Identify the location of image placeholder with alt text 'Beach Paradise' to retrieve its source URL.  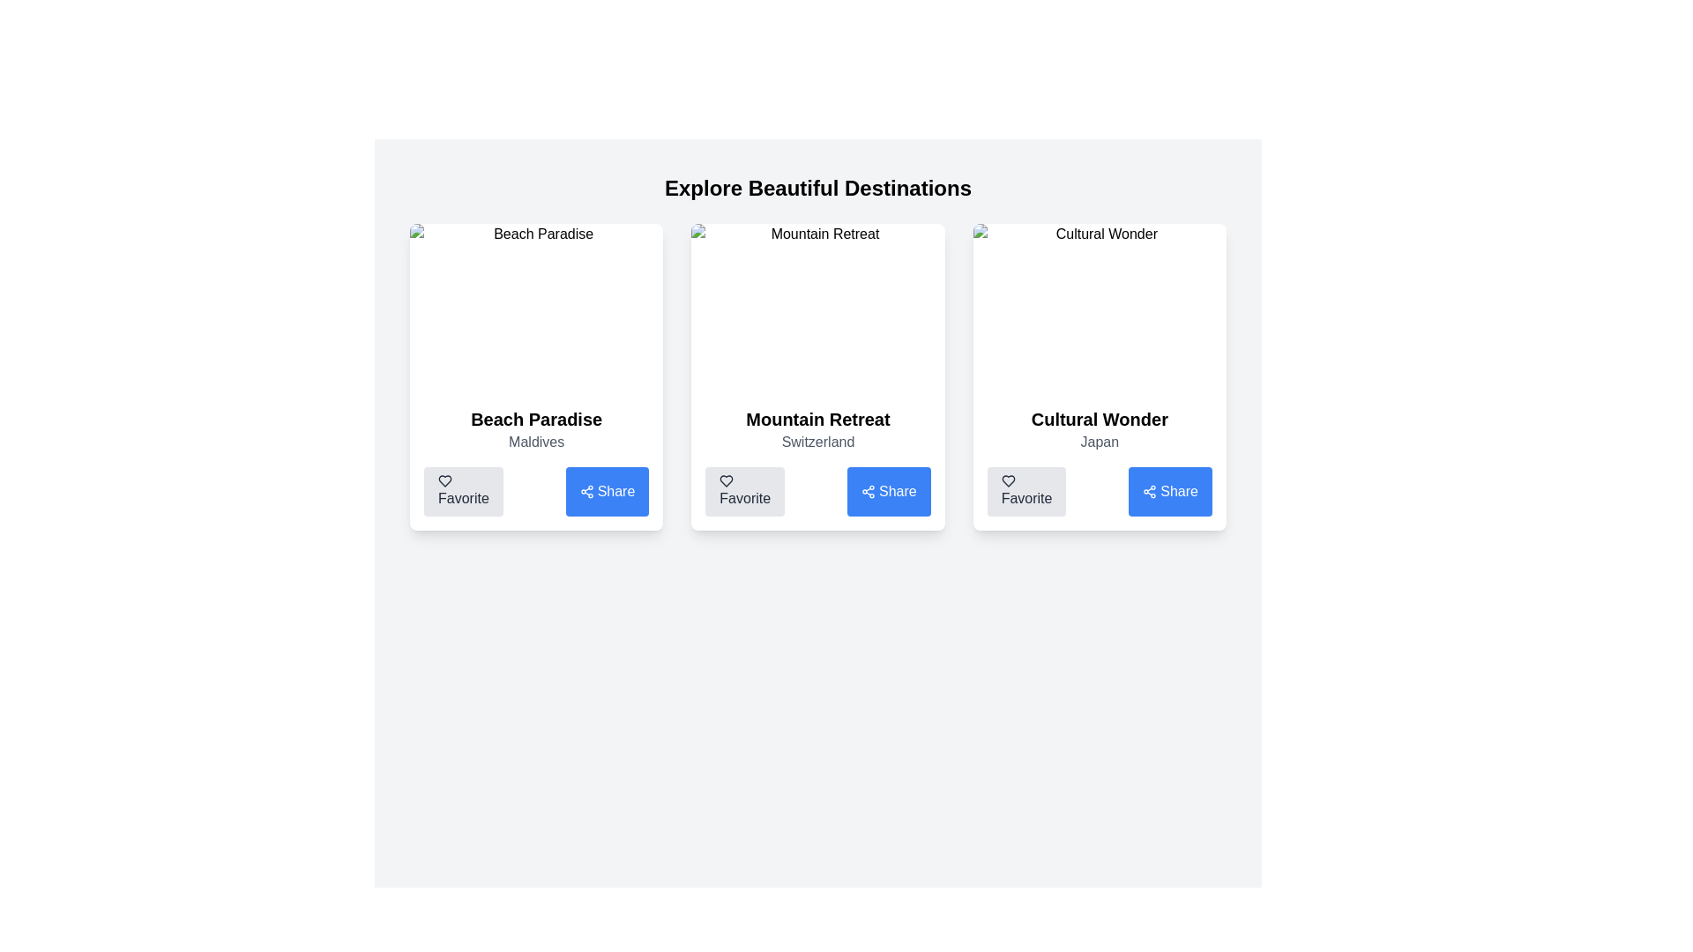
(535, 308).